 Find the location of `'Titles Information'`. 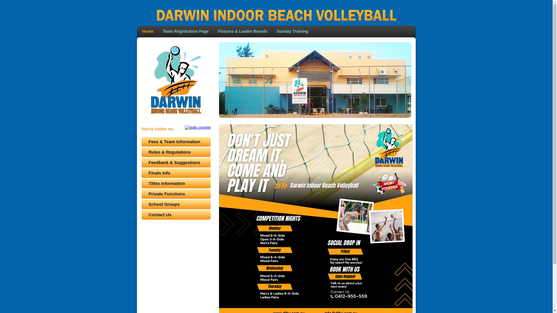

'Titles Information' is located at coordinates (176, 183).